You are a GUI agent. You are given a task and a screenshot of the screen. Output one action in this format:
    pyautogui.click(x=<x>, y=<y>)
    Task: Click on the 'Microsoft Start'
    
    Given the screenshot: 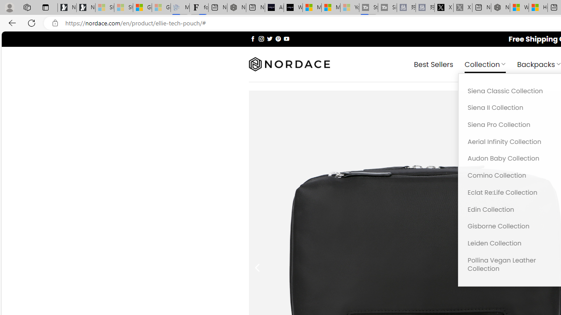 What is the action you would take?
    pyautogui.click(x=330, y=7)
    